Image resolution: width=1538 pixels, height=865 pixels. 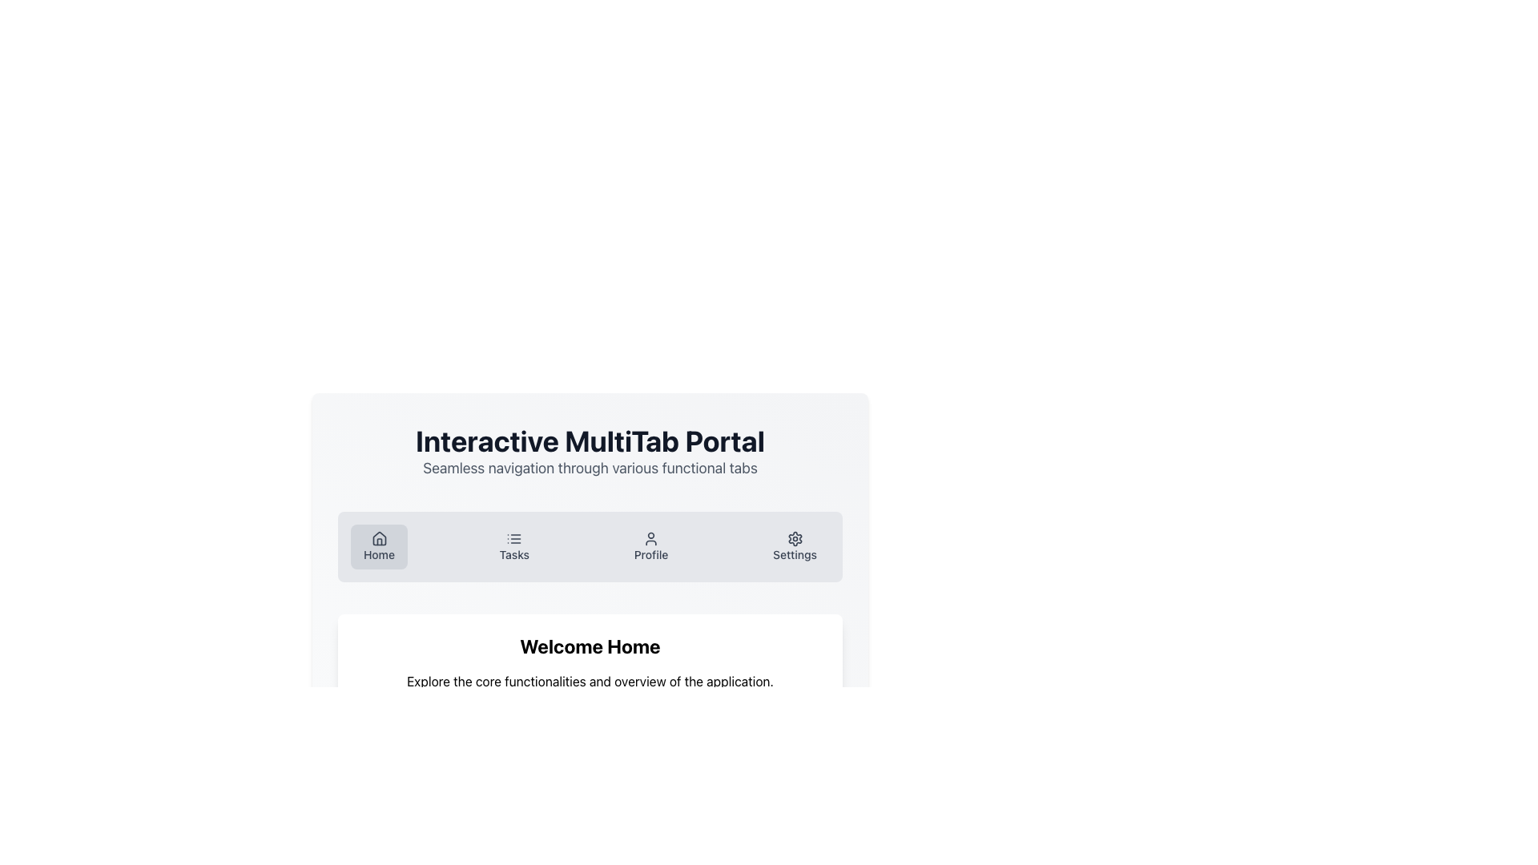 I want to click on the 'Profile' button in the navigation menu, so click(x=651, y=545).